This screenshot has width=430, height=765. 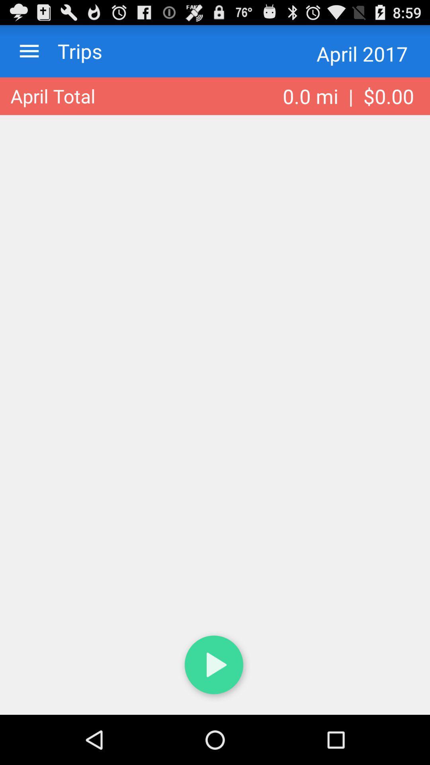 I want to click on trips item, so click(x=72, y=51).